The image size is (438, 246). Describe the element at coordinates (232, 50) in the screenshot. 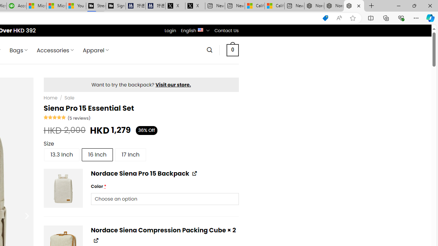

I see `'  0  '` at that location.